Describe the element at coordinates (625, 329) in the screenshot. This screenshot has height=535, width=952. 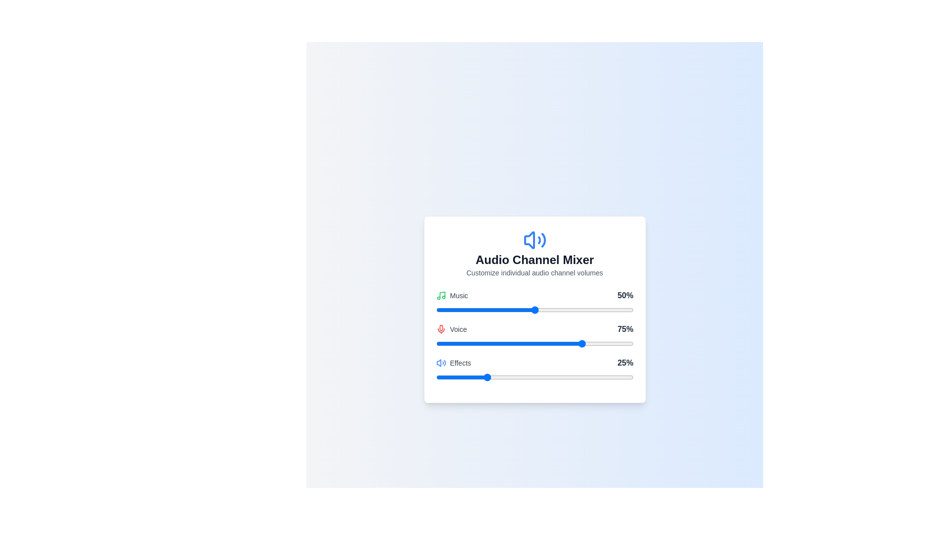
I see `the static text label displaying '75%' in dark gray, located in the 'Voice' section, positioned to the far right adjacent to a slider` at that location.